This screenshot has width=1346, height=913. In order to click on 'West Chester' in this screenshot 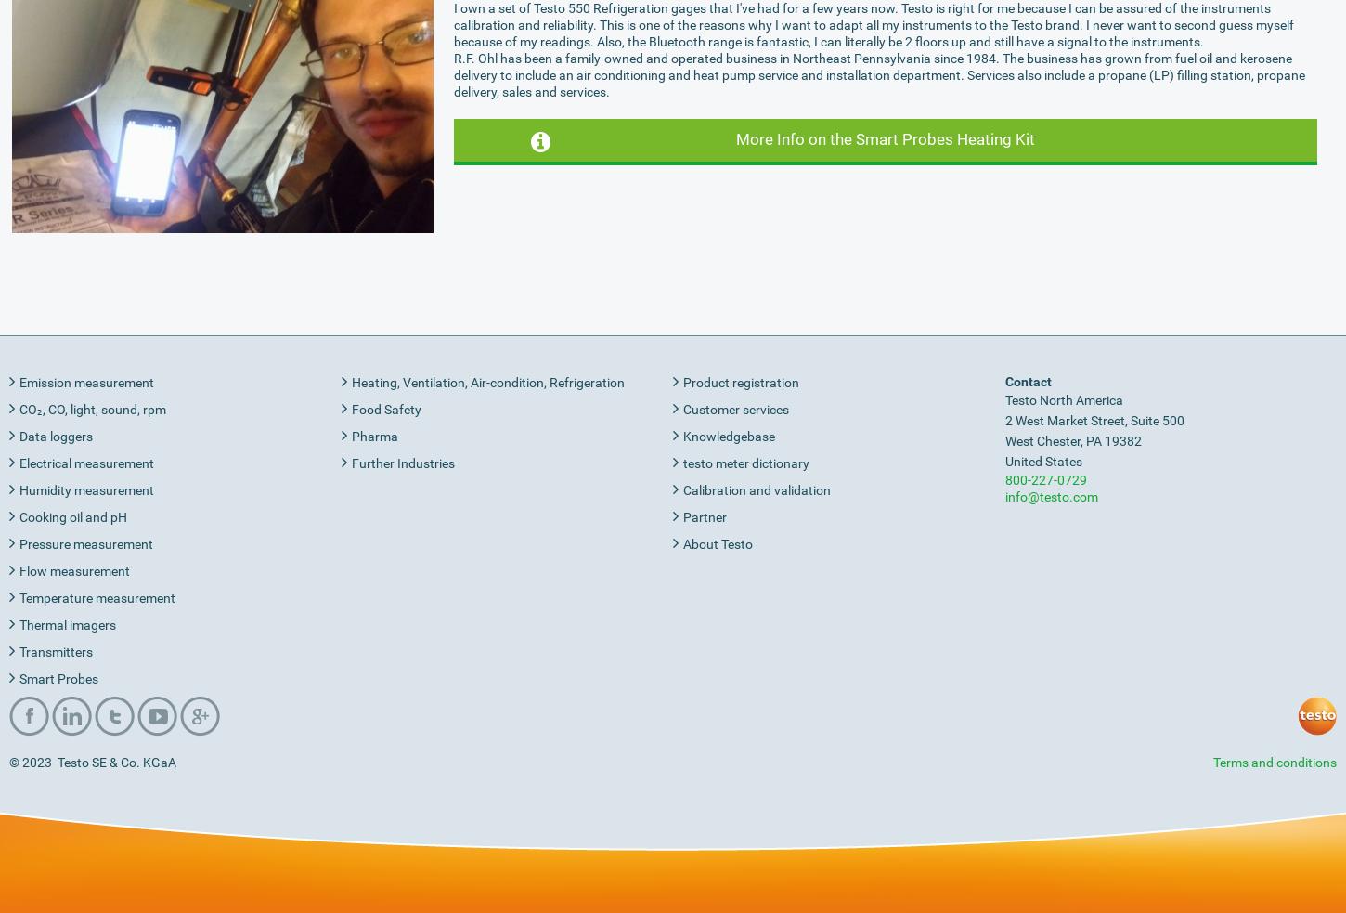, I will do `click(1041, 439)`.